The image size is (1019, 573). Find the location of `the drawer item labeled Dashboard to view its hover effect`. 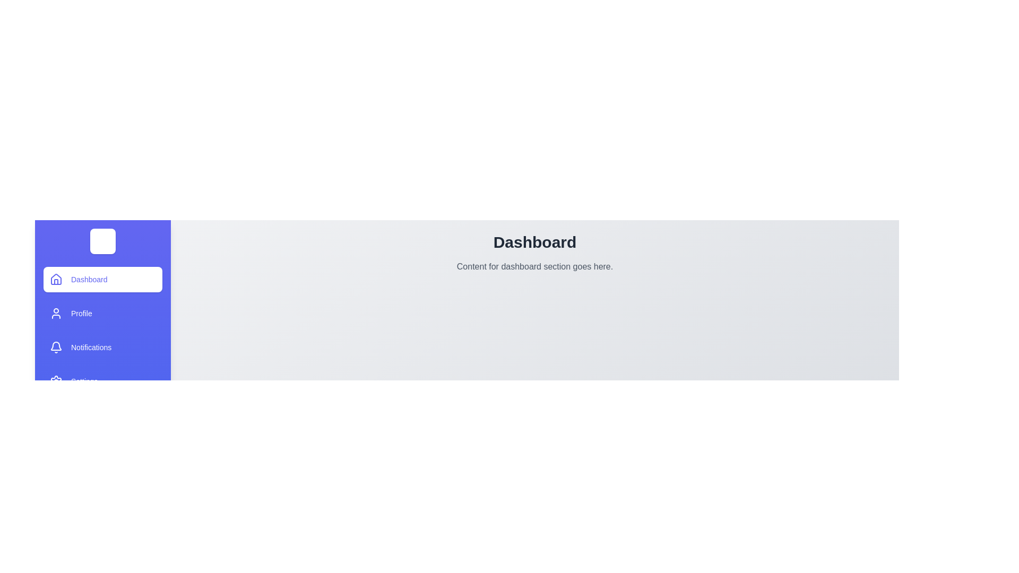

the drawer item labeled Dashboard to view its hover effect is located at coordinates (102, 279).